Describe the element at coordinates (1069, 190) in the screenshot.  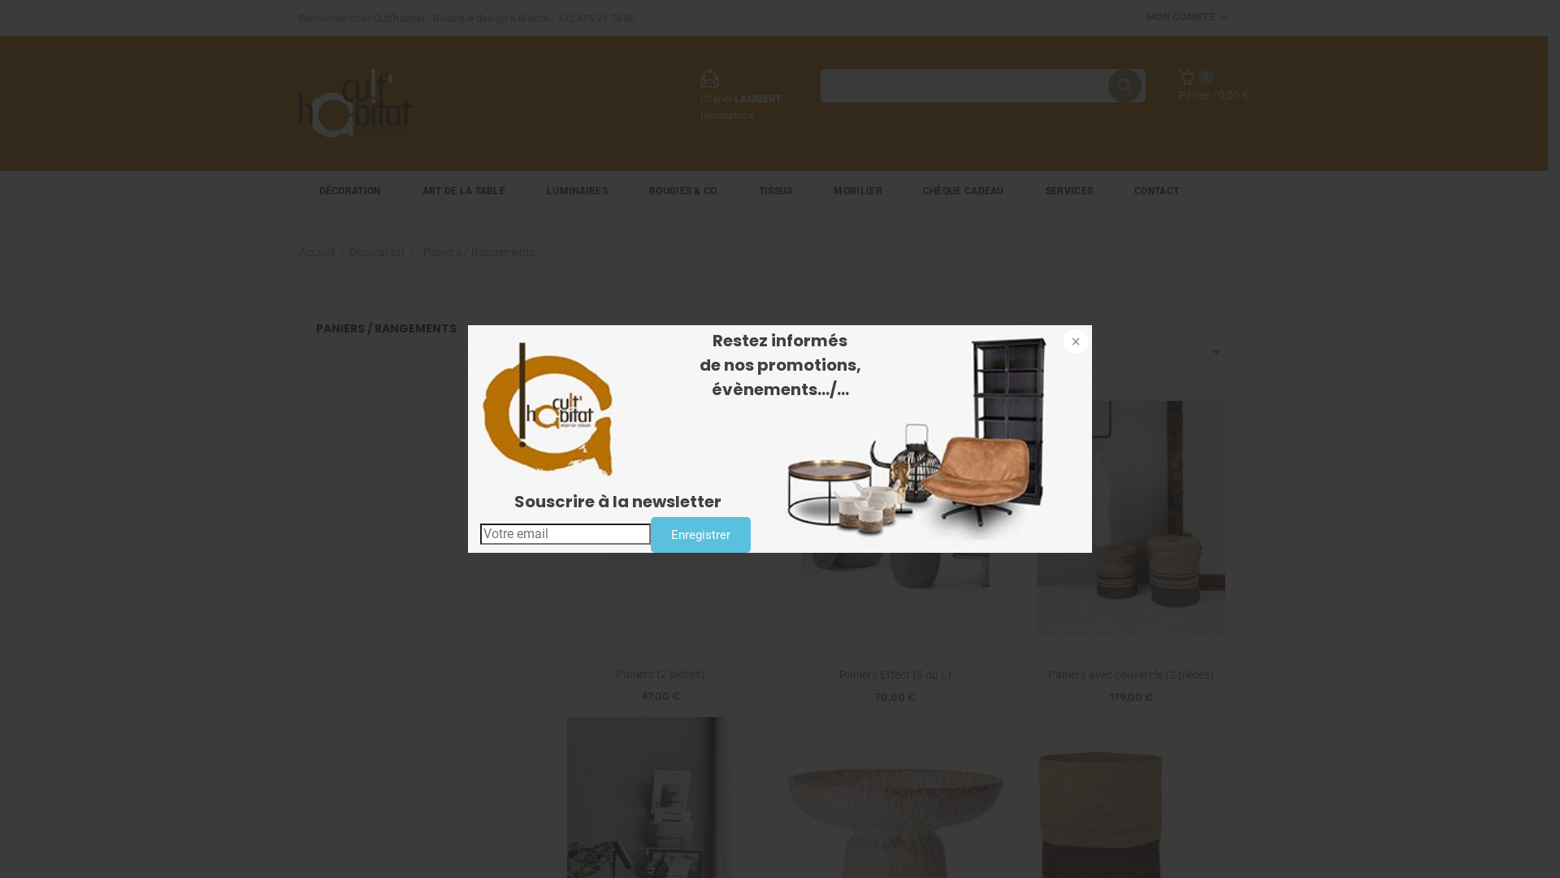
I see `'SERVICES'` at that location.